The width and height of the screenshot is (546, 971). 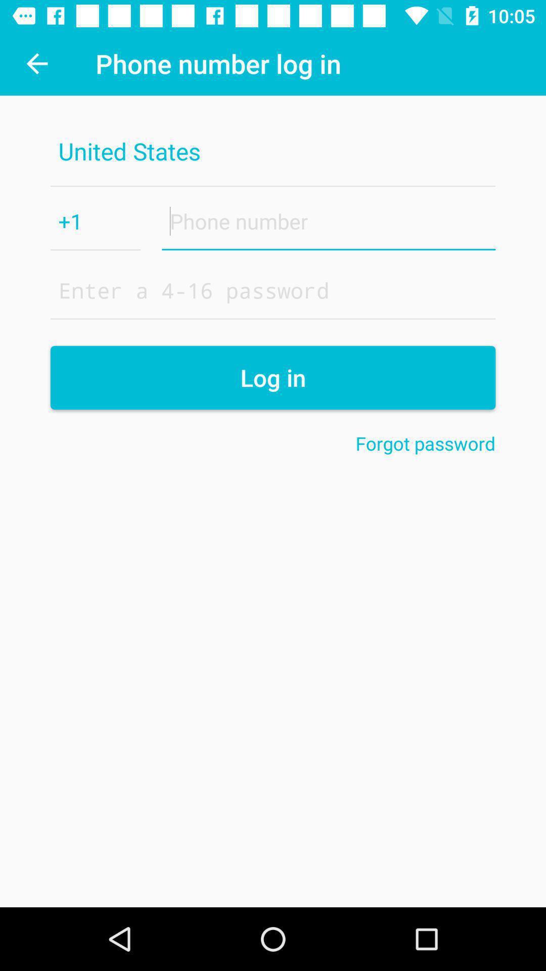 I want to click on icon below +1 item, so click(x=273, y=289).